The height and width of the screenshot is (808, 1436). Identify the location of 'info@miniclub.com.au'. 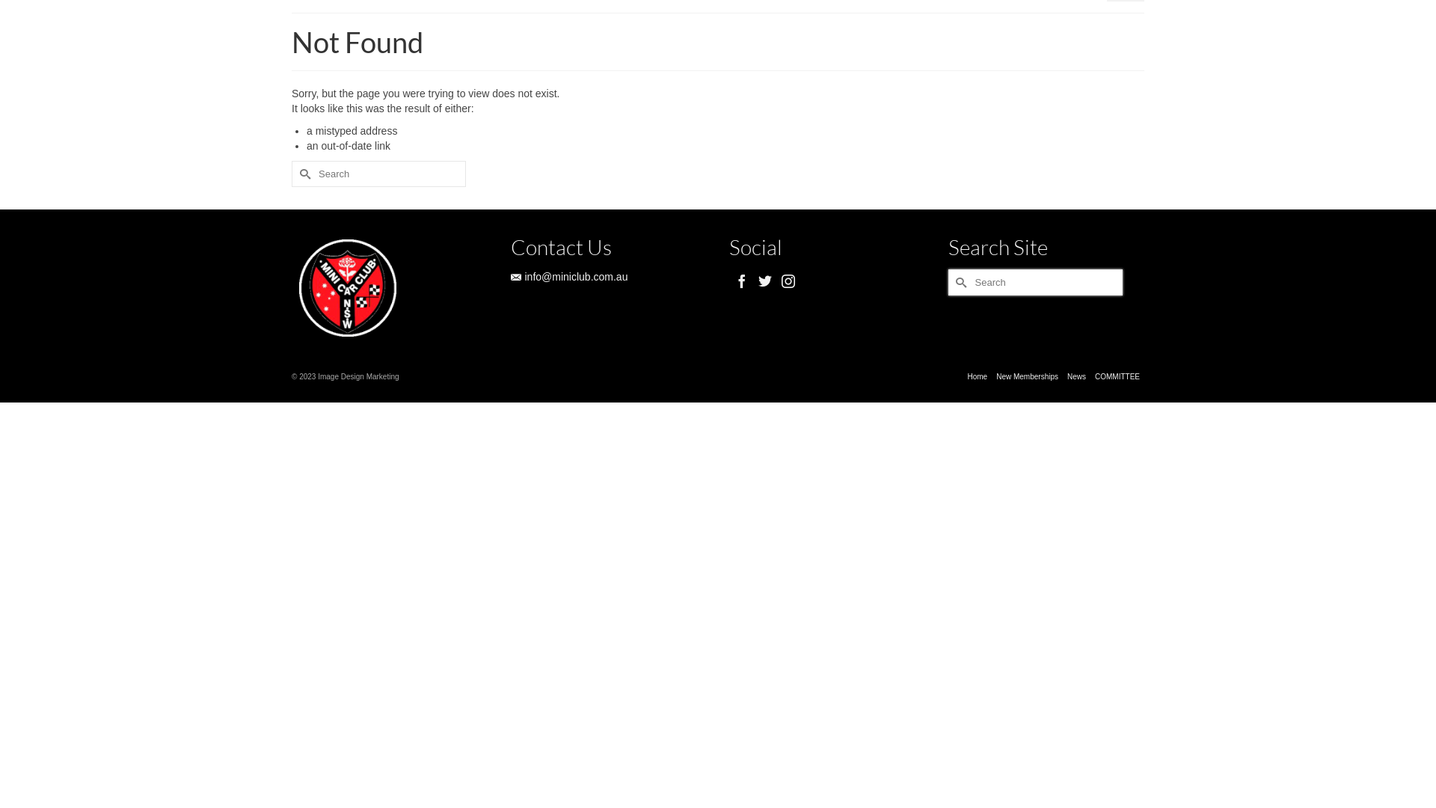
(568, 277).